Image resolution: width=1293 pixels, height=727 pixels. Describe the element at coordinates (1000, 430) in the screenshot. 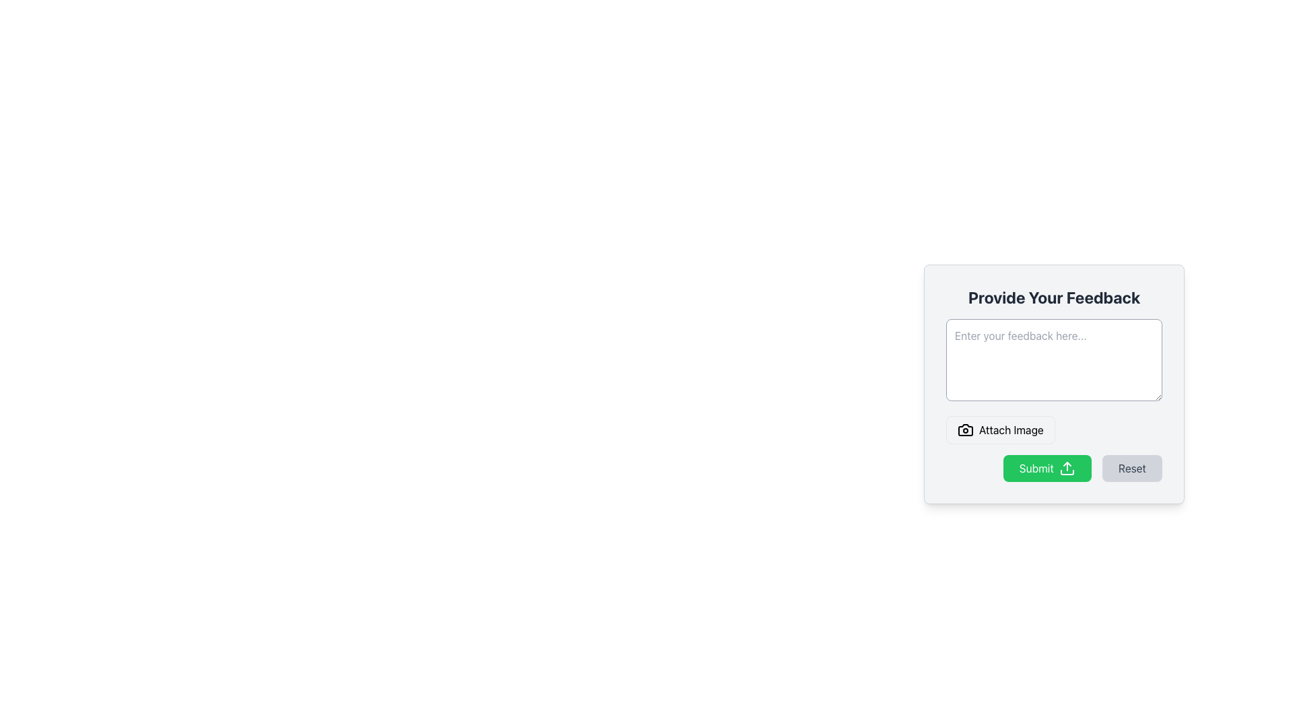

I see `the 'Attach Image' button located in the bottom left corner of the feedback form` at that location.